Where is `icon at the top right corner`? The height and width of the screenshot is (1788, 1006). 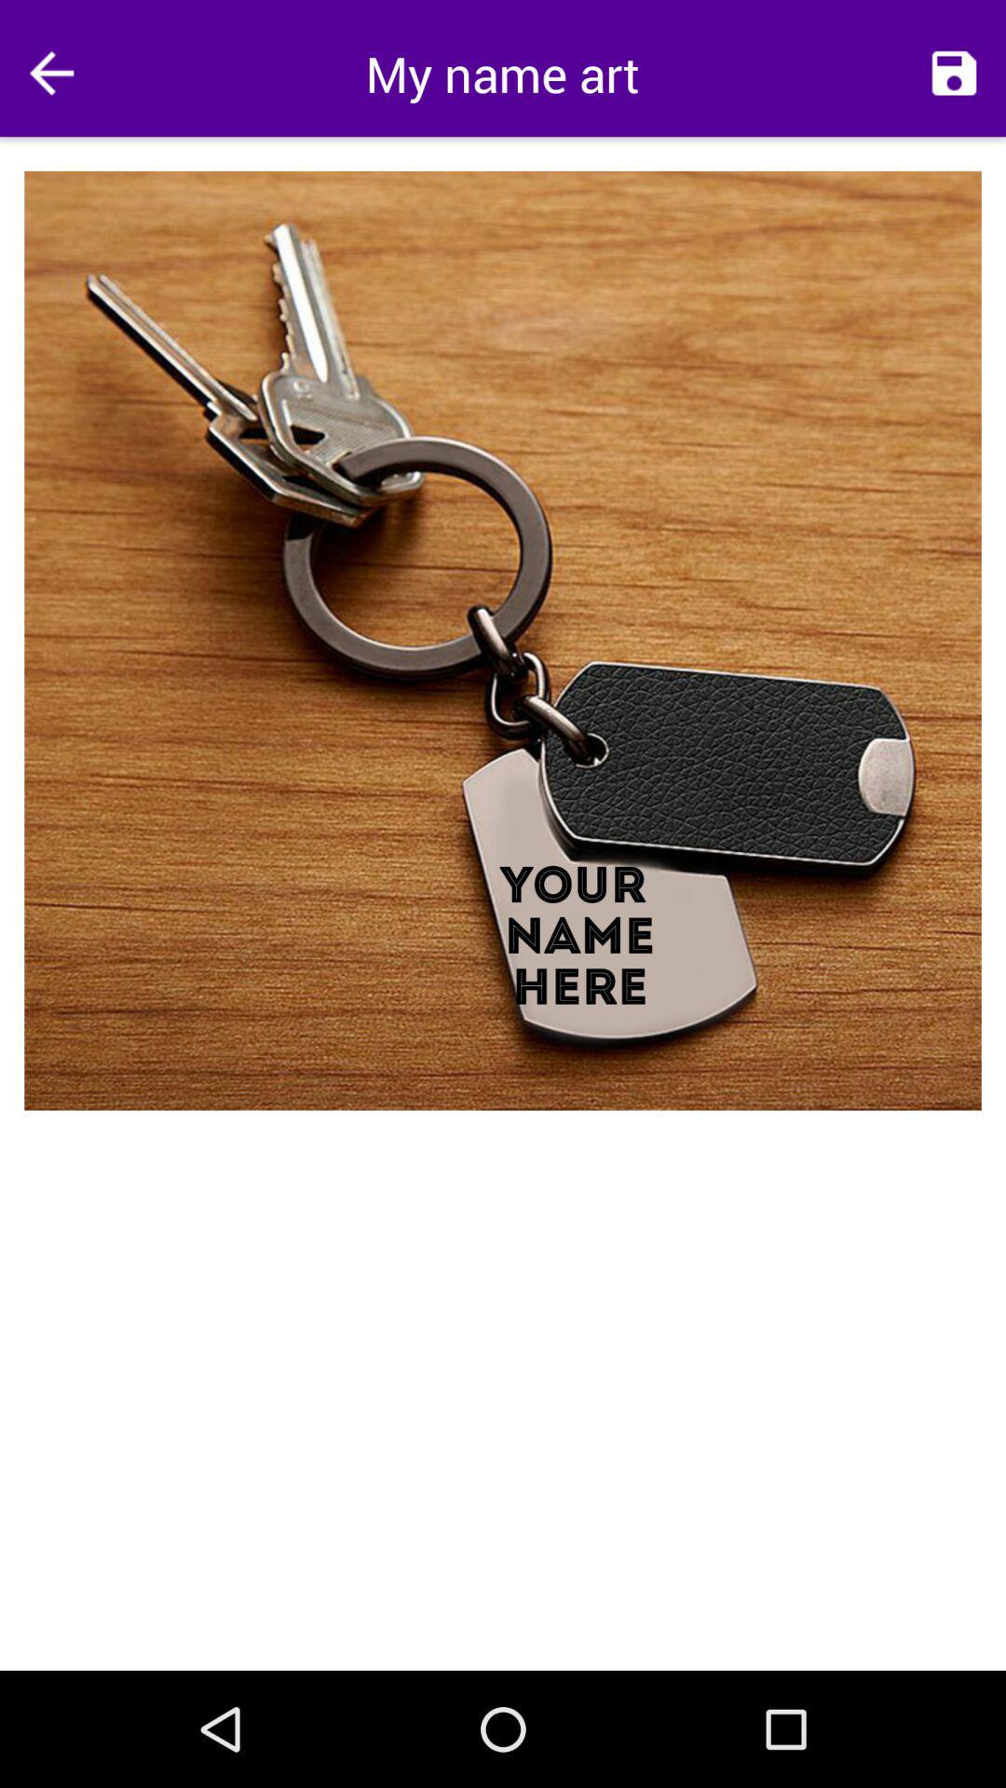
icon at the top right corner is located at coordinates (954, 73).